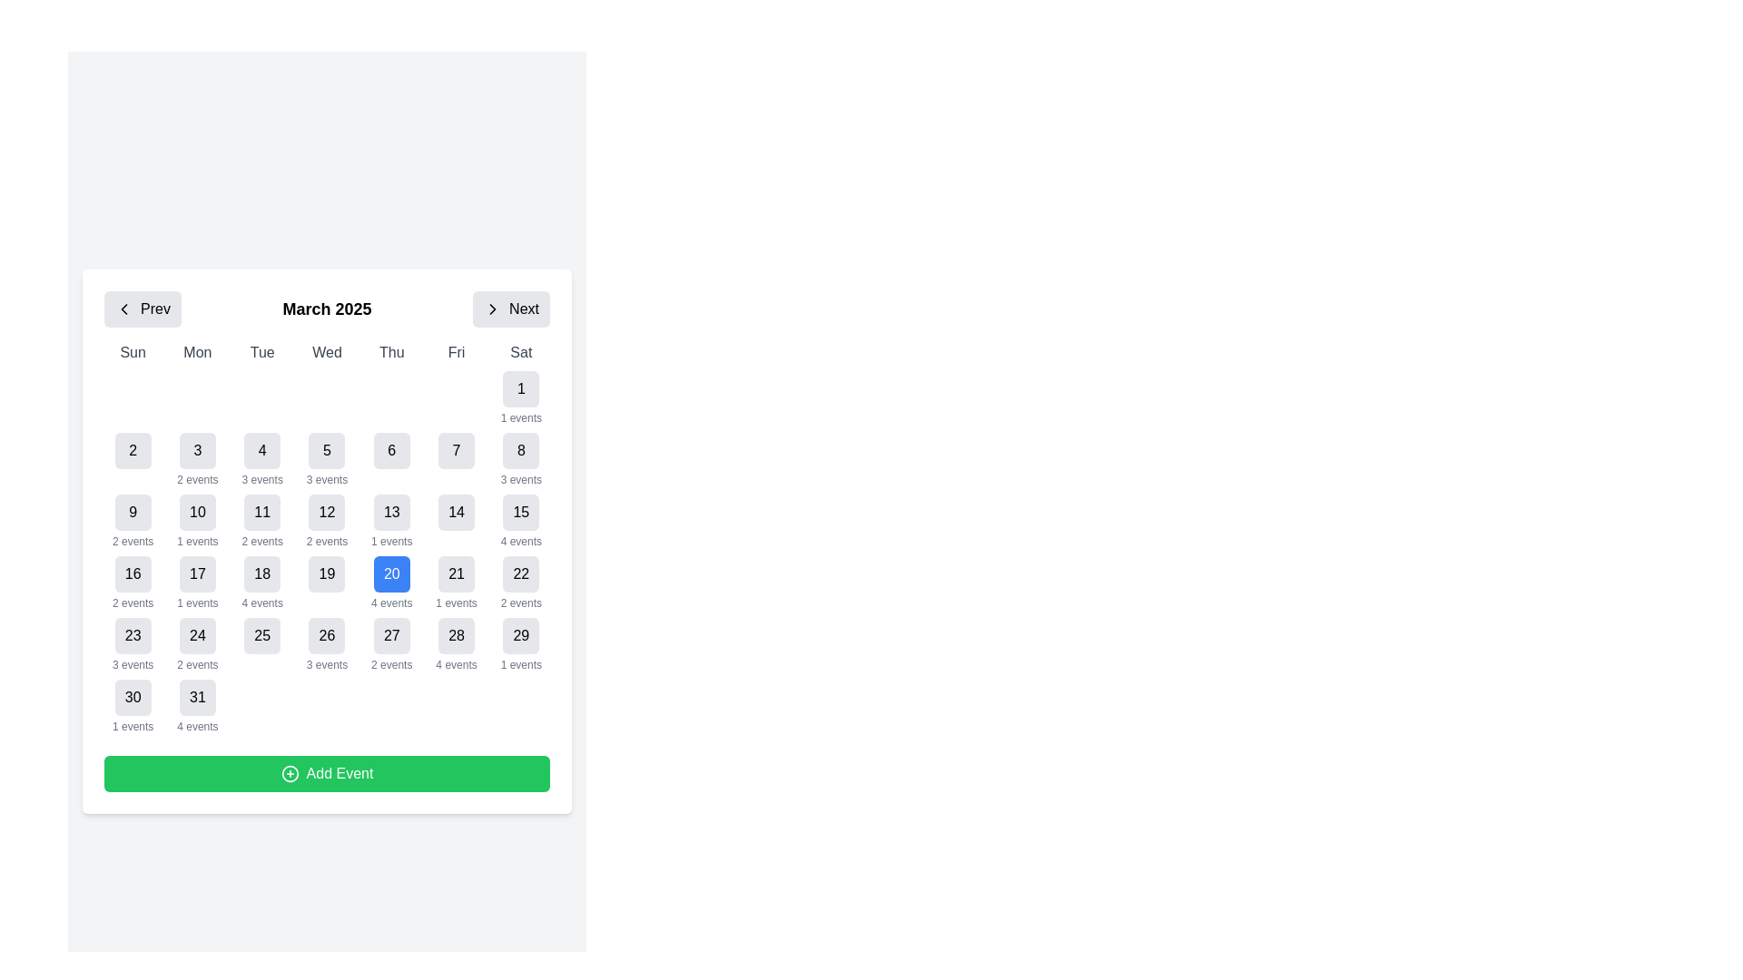  I want to click on the text label displaying '1 events', which is located below the day box labeled '30' in a small gray font, so click(132, 726).